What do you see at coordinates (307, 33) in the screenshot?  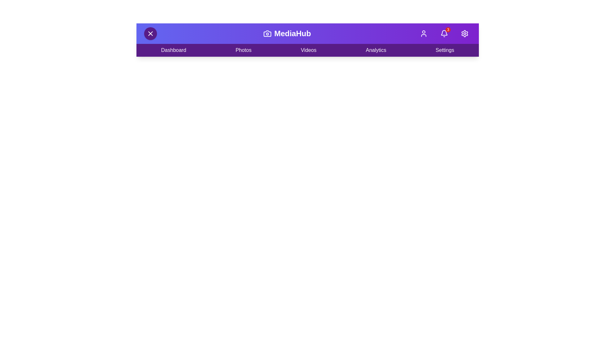 I see `the header area to view the icon and text` at bounding box center [307, 33].